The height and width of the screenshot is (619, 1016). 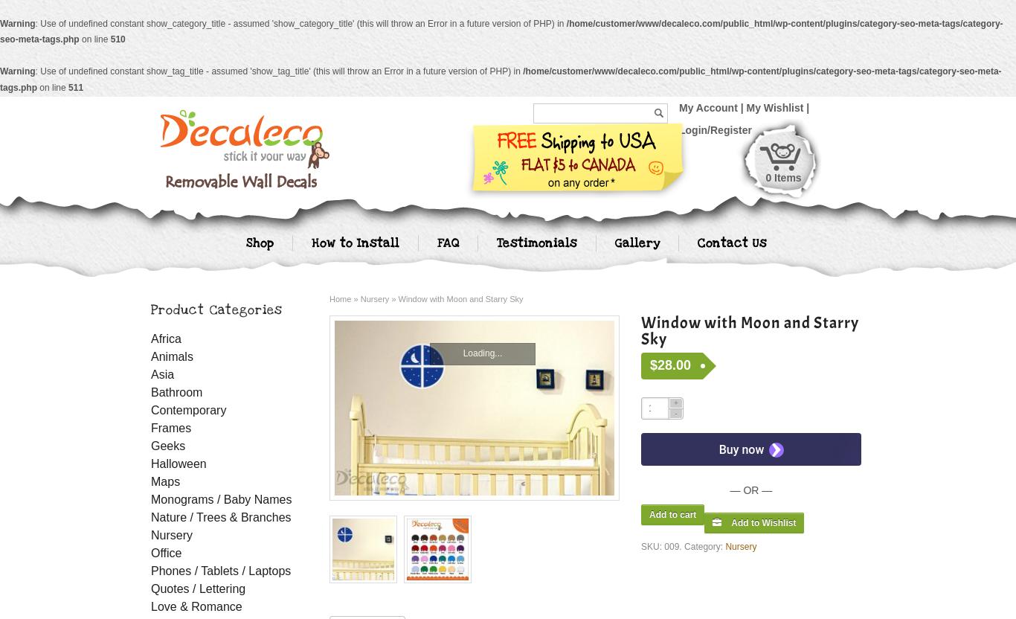 What do you see at coordinates (715, 128) in the screenshot?
I see `'Login/Register'` at bounding box center [715, 128].